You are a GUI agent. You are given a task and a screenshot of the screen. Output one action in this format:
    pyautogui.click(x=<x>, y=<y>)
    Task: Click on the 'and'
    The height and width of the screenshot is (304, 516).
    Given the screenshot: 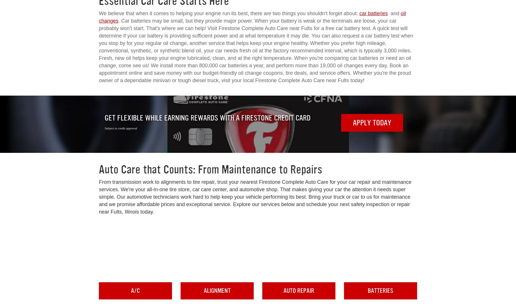 What is the action you would take?
    pyautogui.click(x=394, y=13)
    